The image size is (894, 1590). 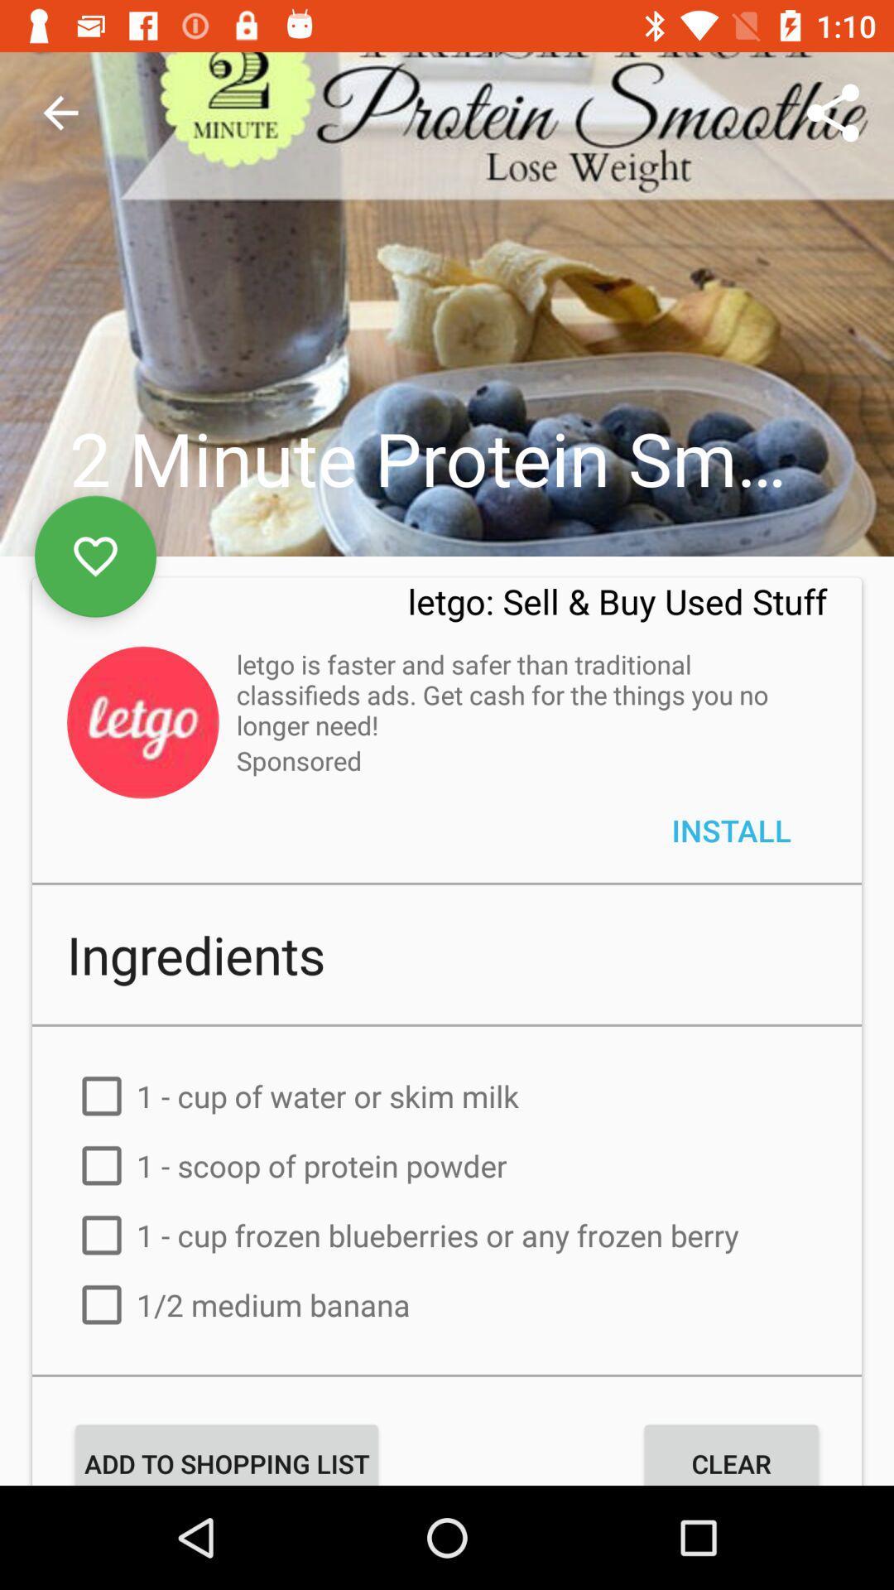 I want to click on shopping list, so click(x=447, y=1409).